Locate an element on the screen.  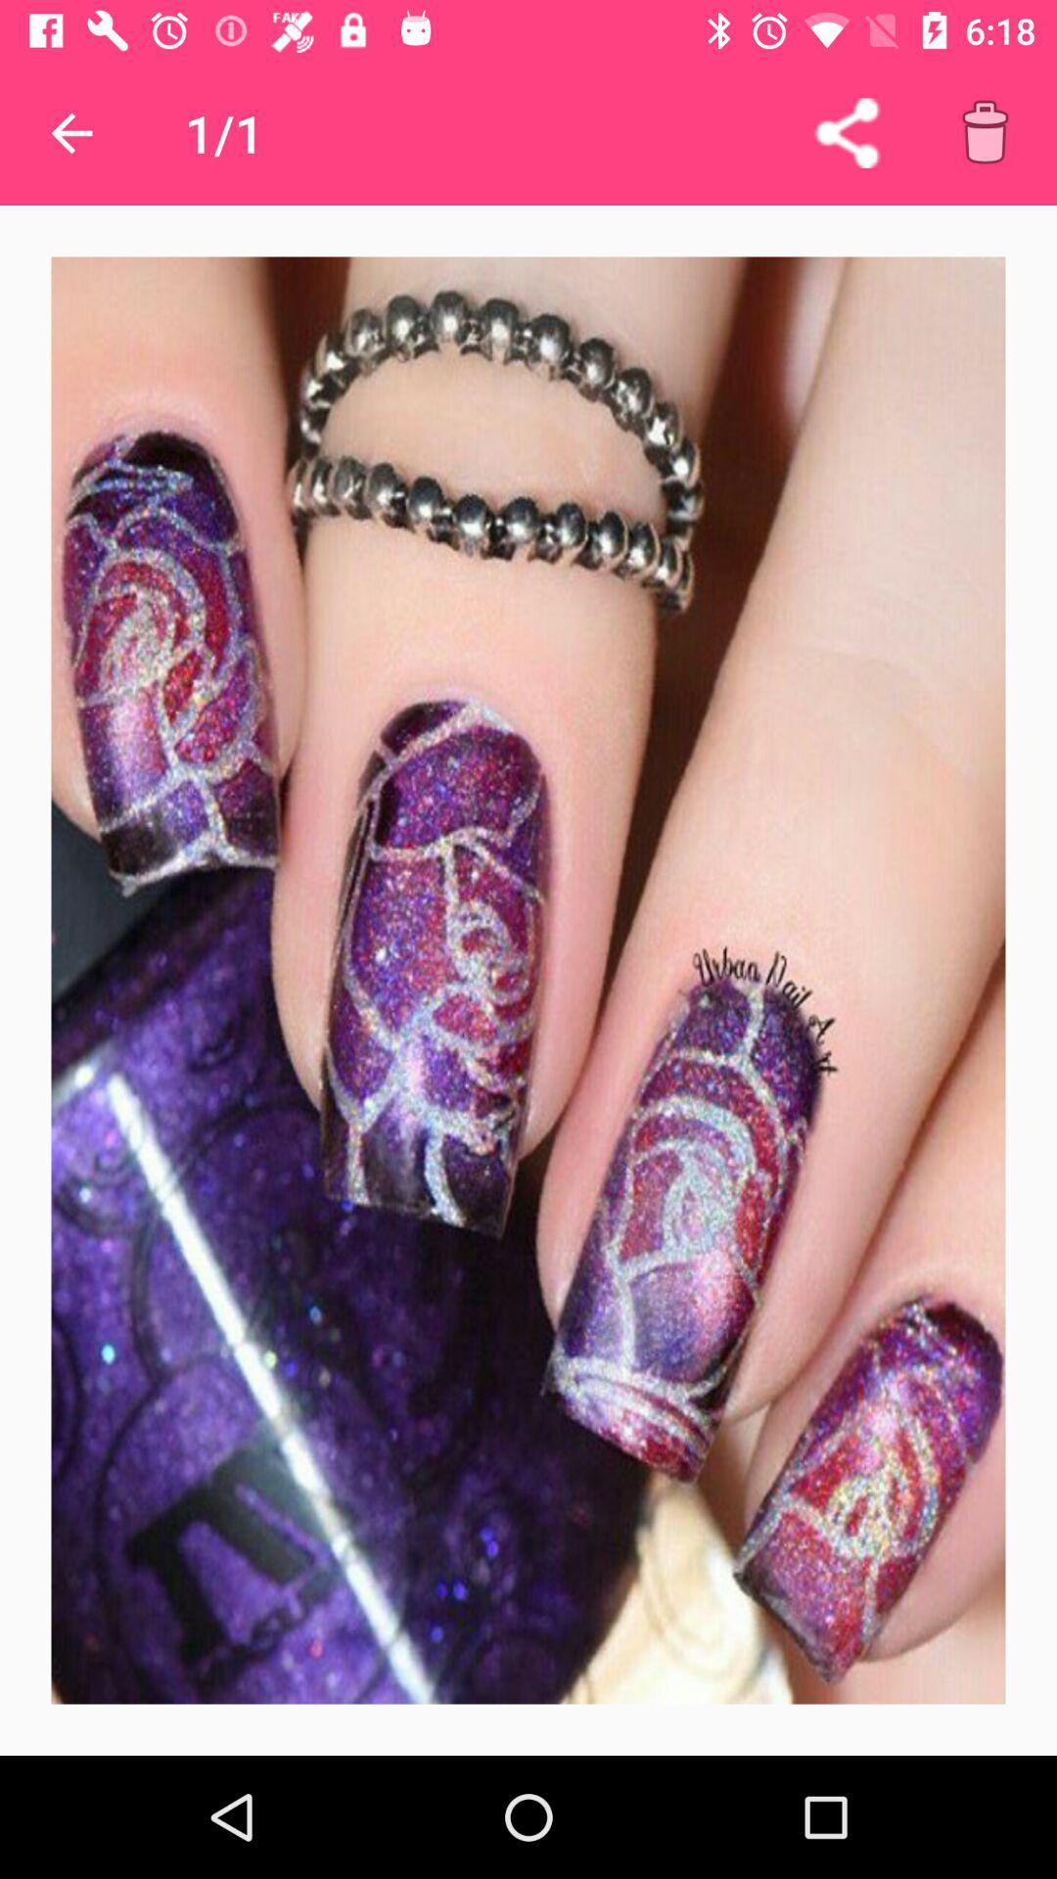
share entry is located at coordinates (846, 132).